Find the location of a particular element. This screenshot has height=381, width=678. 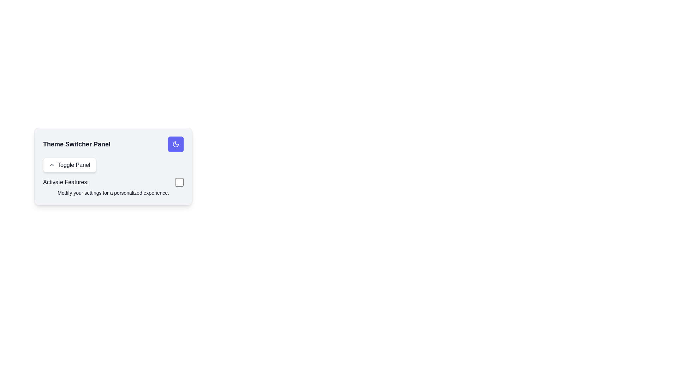

the 'Toggle Panel' button, which is a rectangular button with a white background and black text, located in the 'Theme Switcher Panel' below the title is located at coordinates (69, 165).